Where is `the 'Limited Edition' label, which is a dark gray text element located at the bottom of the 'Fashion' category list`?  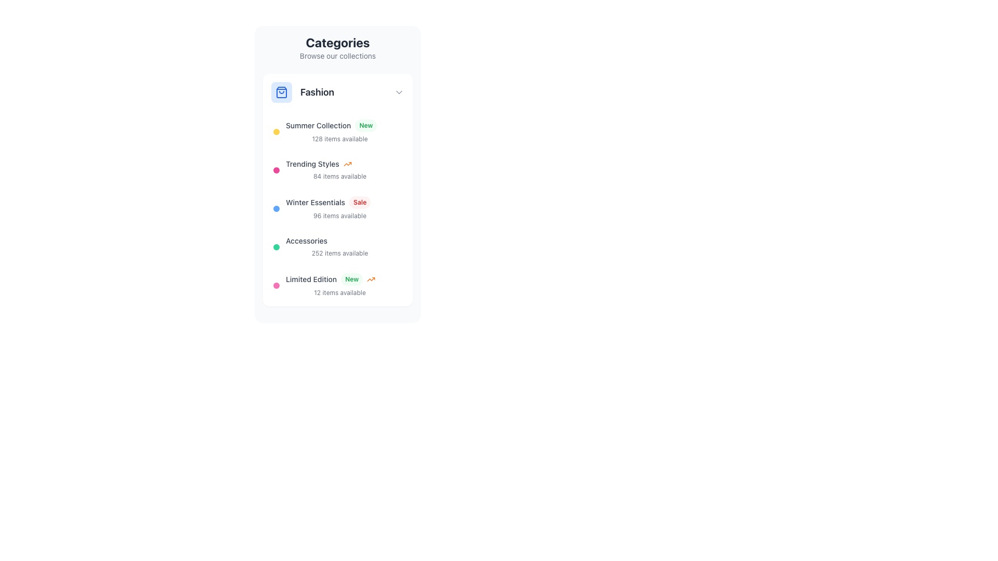
the 'Limited Edition' label, which is a dark gray text element located at the bottom of the 'Fashion' category list is located at coordinates (311, 278).